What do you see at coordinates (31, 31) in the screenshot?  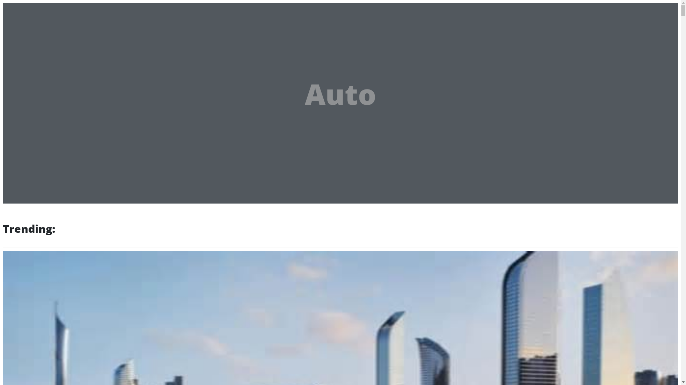 I see `'HOME'` at bounding box center [31, 31].